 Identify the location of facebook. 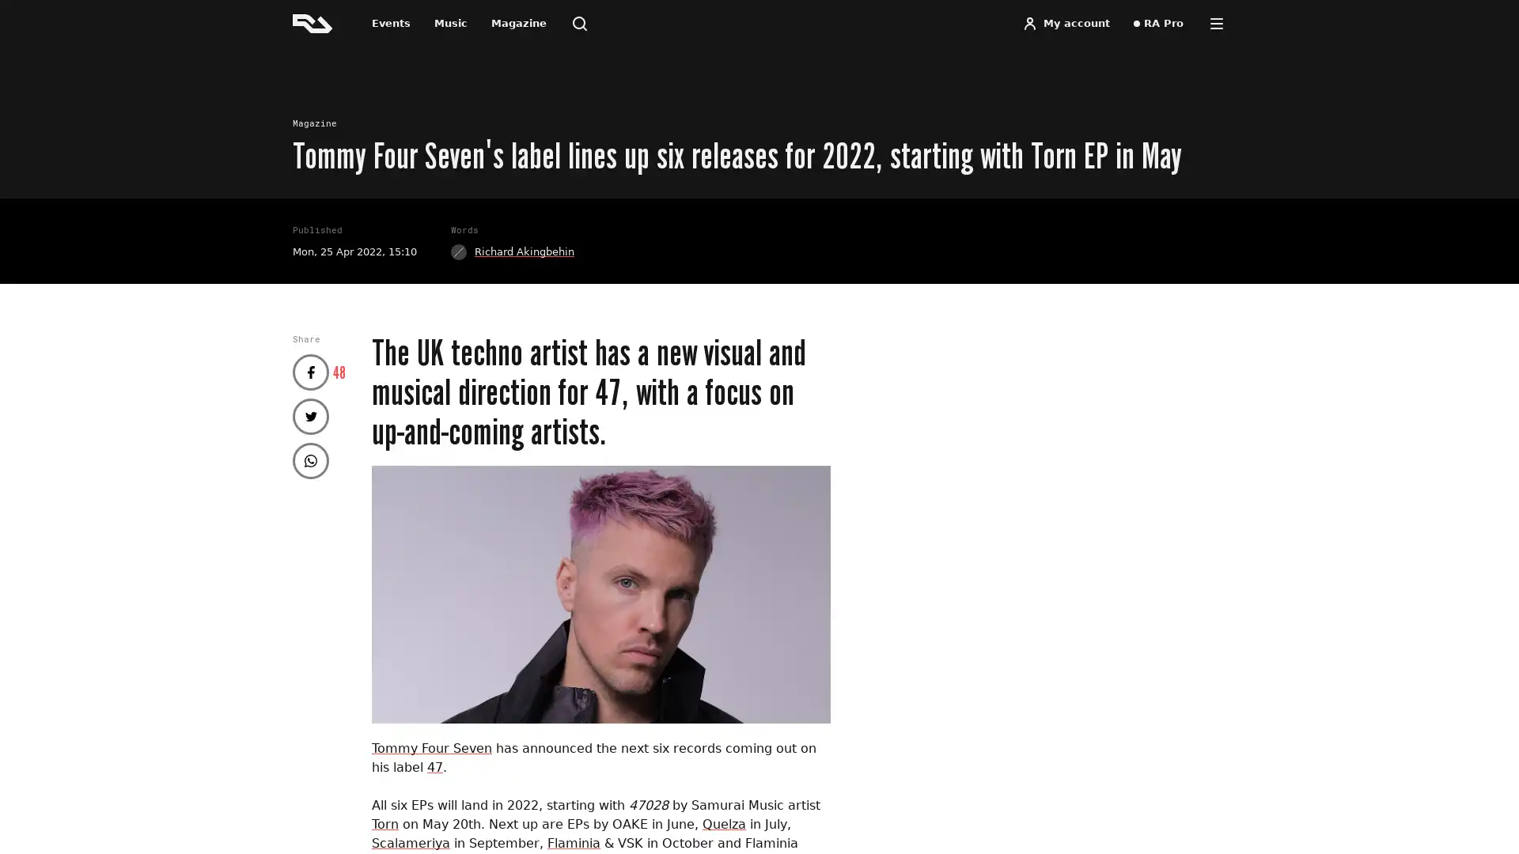
(311, 372).